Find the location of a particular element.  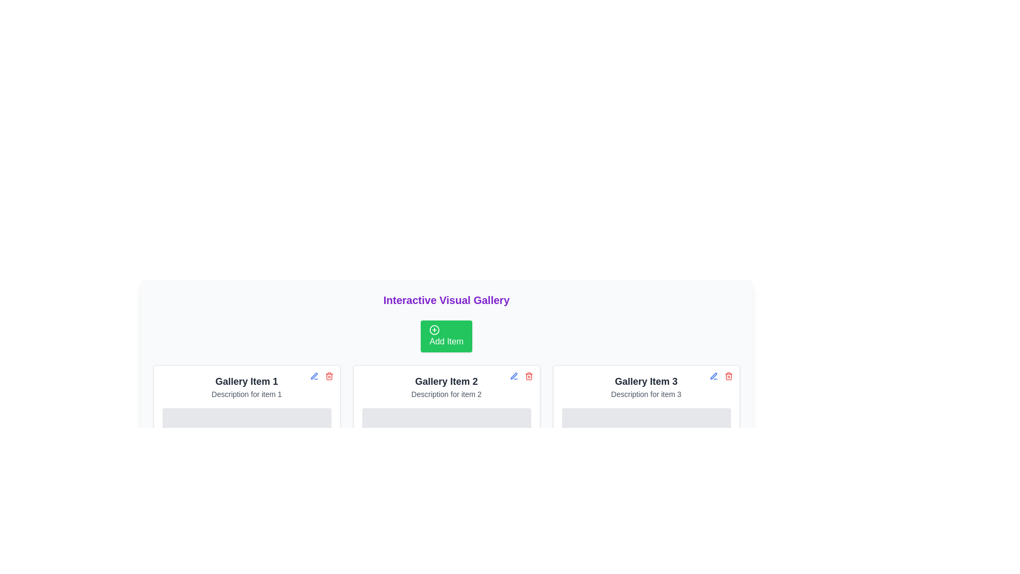

the blue pen icon located in the top-right corner of the 'Gallery Item 2' box is located at coordinates (514, 376).